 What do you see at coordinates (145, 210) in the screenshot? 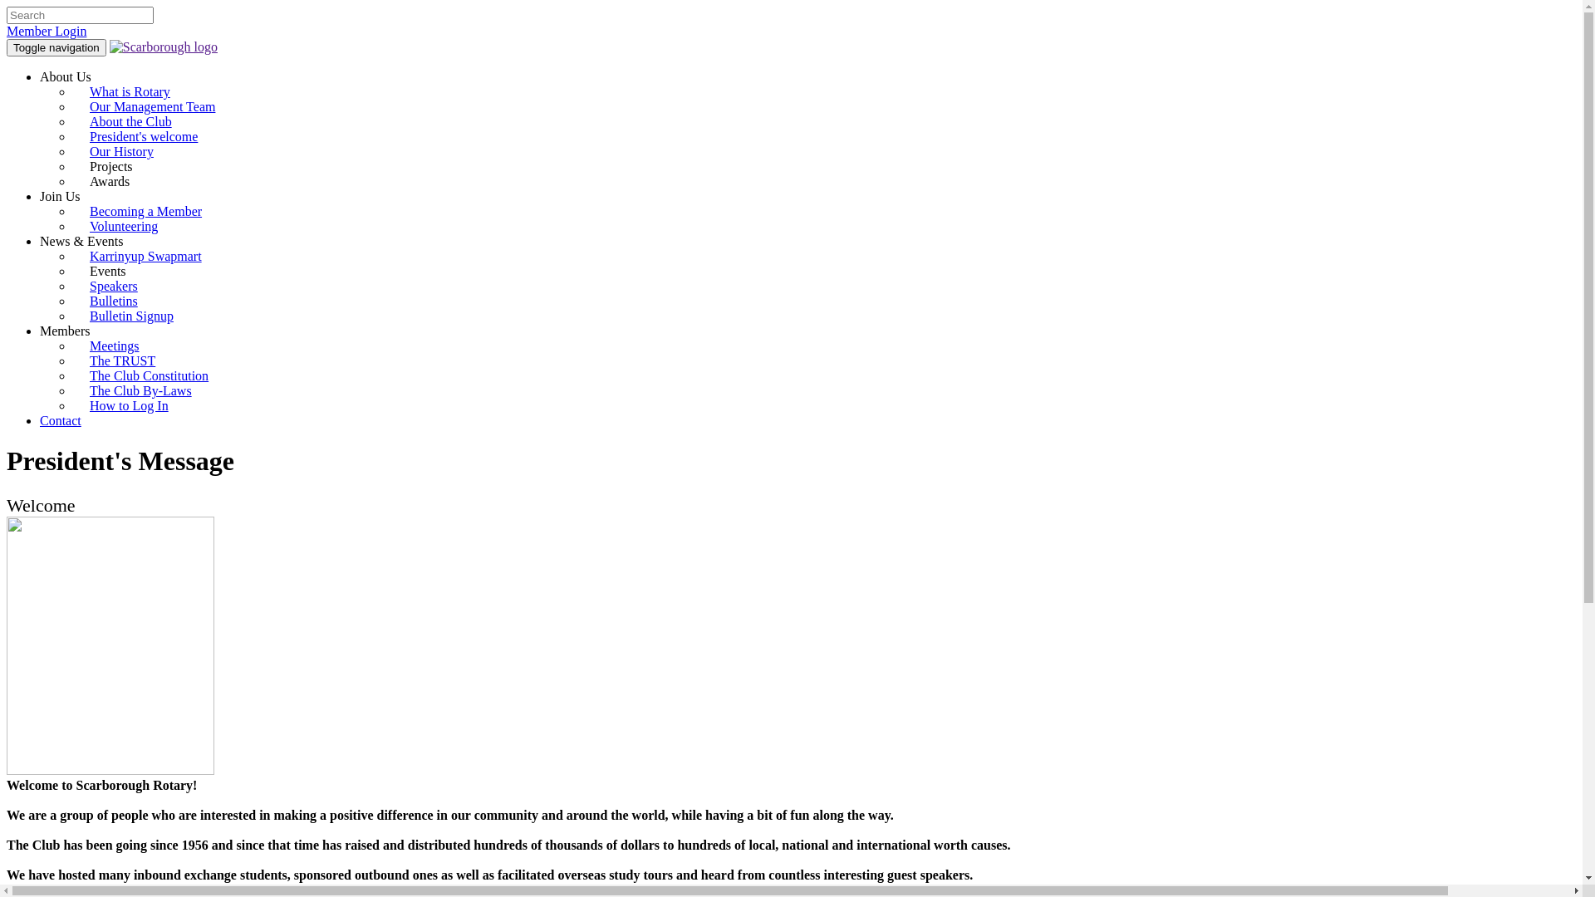
I see `'Becoming a Member'` at bounding box center [145, 210].